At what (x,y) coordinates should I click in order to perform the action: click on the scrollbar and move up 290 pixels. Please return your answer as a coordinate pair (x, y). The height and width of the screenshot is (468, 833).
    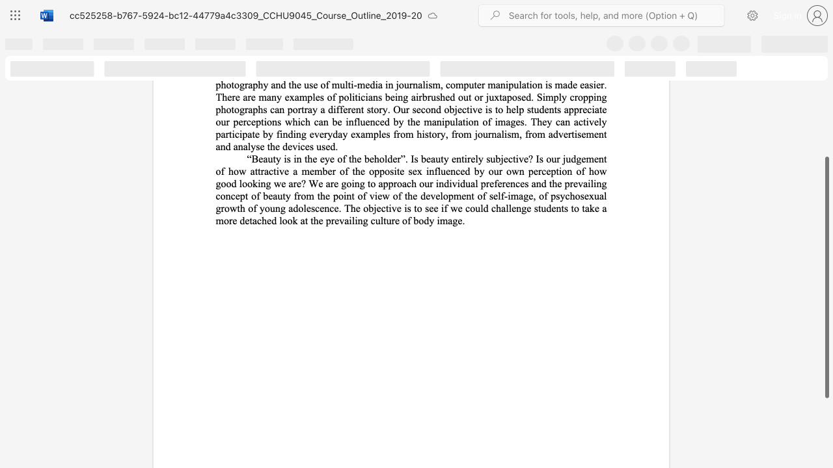
    Looking at the image, I should click on (826, 277).